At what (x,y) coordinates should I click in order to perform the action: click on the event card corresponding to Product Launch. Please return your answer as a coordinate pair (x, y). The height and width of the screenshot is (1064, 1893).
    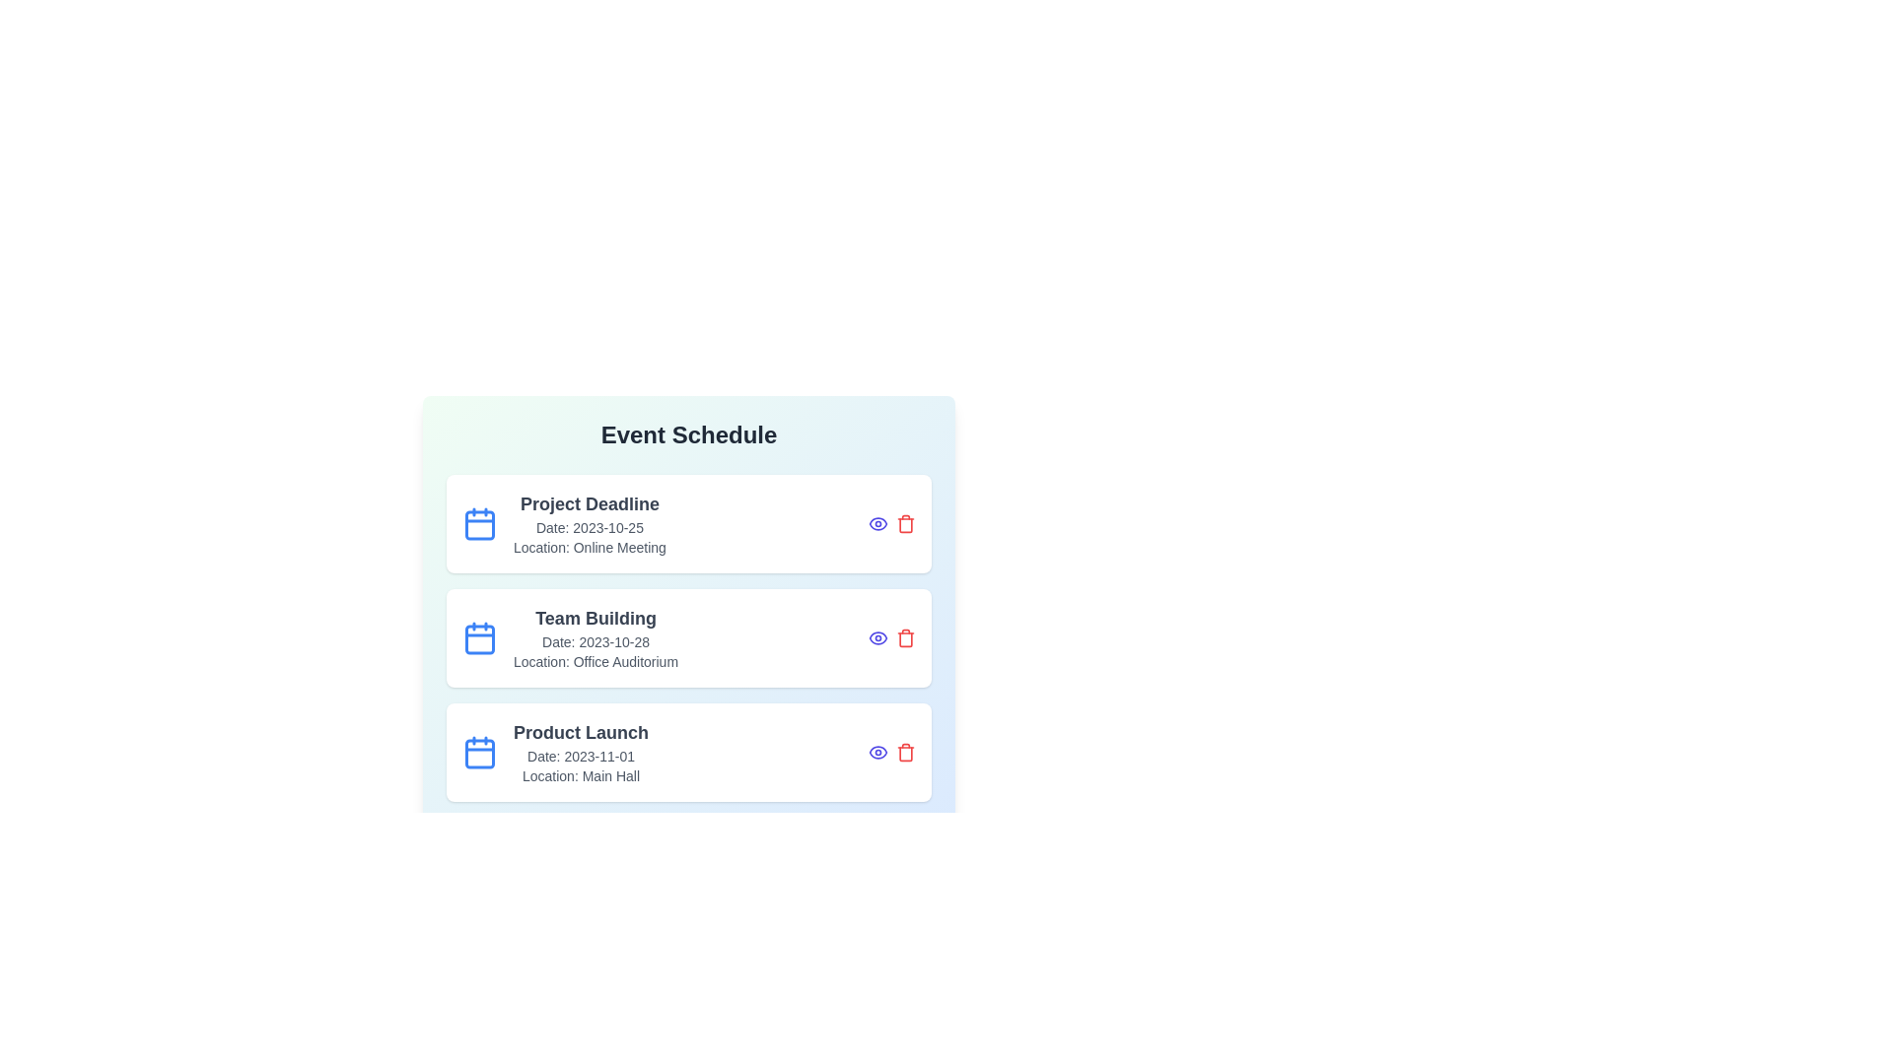
    Looking at the image, I should click on (689, 752).